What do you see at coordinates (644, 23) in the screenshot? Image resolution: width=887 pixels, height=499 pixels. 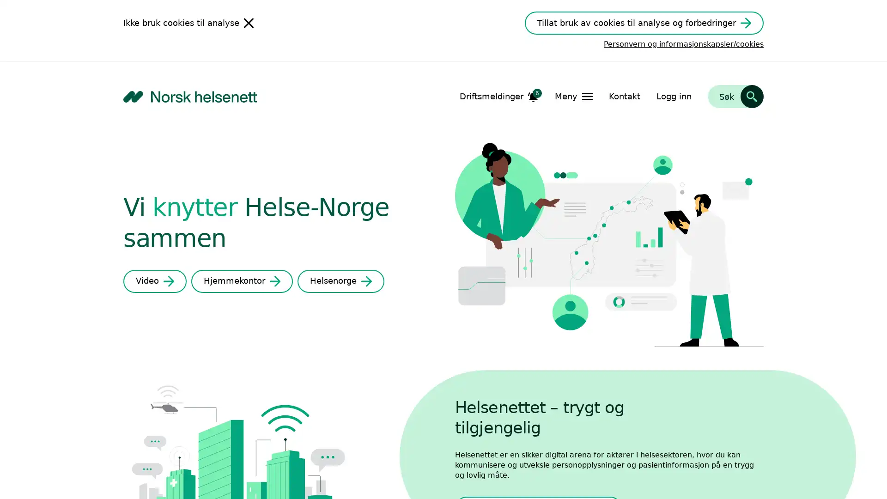 I see `Tillat bruk av cookies til analyse og forbedringer` at bounding box center [644, 23].